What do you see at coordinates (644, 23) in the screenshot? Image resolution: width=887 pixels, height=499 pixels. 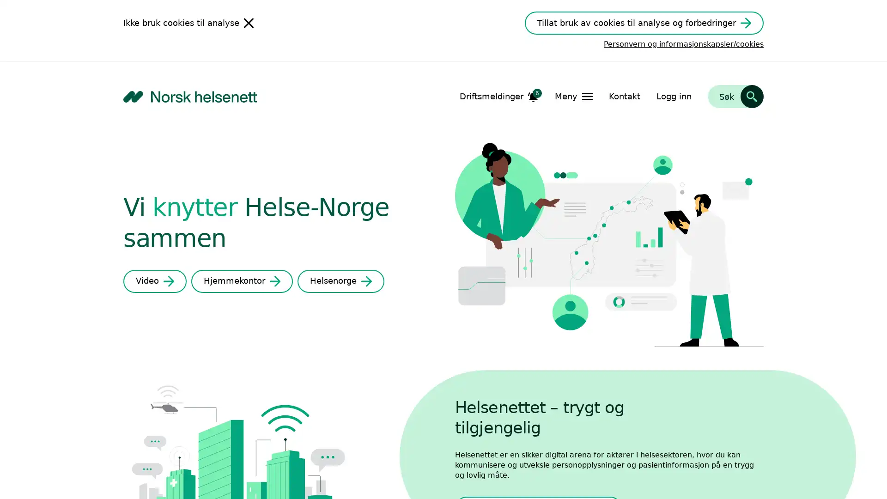 I see `Tillat bruk av cookies til analyse og forbedringer` at bounding box center [644, 23].